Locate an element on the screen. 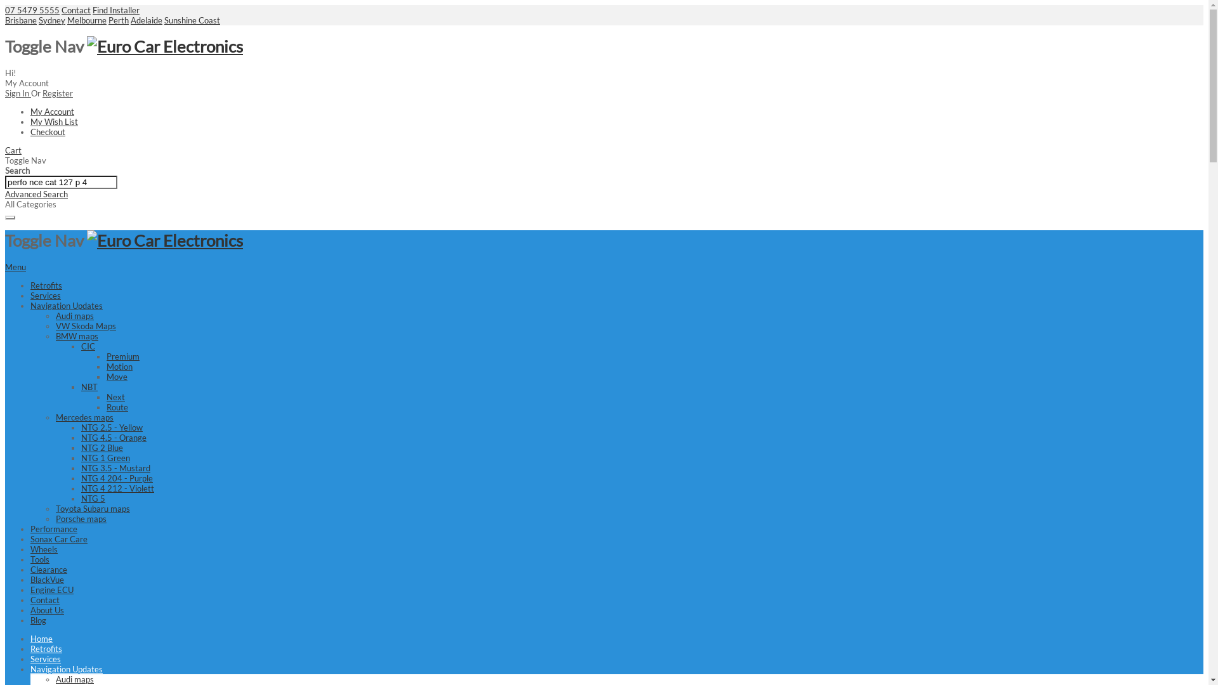 The width and height of the screenshot is (1218, 685). 'Advanced Search' is located at coordinates (36, 193).